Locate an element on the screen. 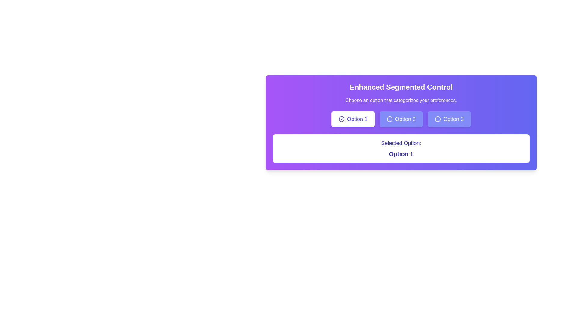 The width and height of the screenshot is (577, 325). the radio button icon representing 'Option 2' in the segmented control is located at coordinates (389, 119).